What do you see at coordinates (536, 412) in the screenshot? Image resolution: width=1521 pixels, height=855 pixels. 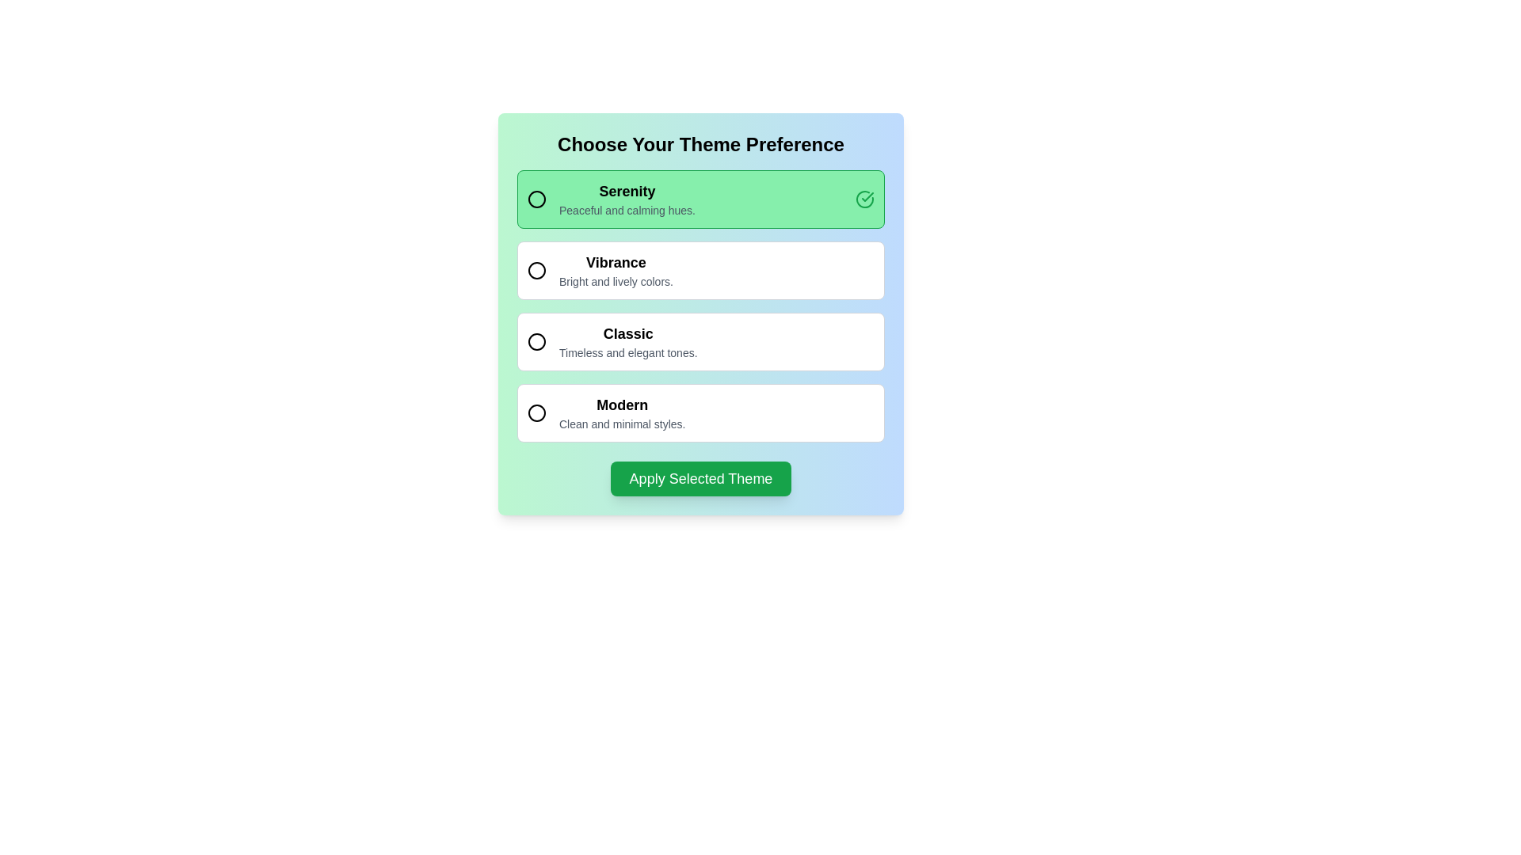 I see `the circular radio button indicator associated with the 'Modern' option` at bounding box center [536, 412].